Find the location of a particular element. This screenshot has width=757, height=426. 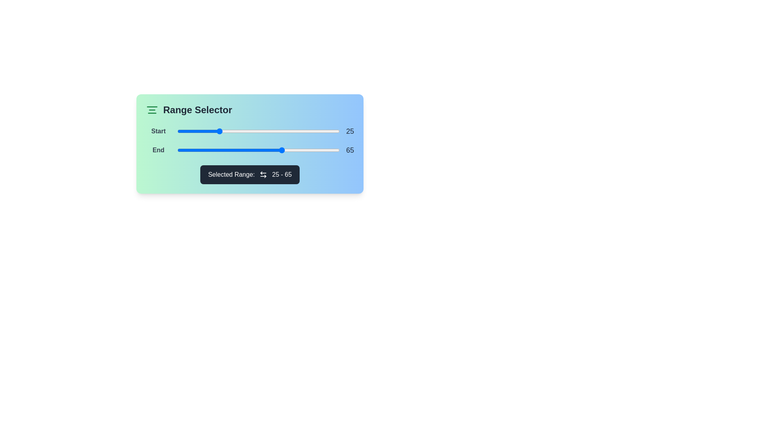

the start range slider to 17 is located at coordinates (205, 131).